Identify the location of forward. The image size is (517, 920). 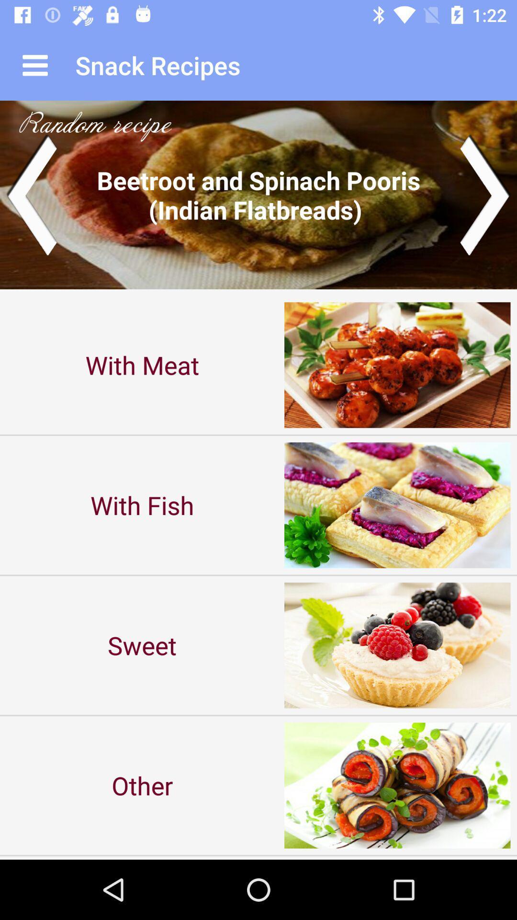
(485, 194).